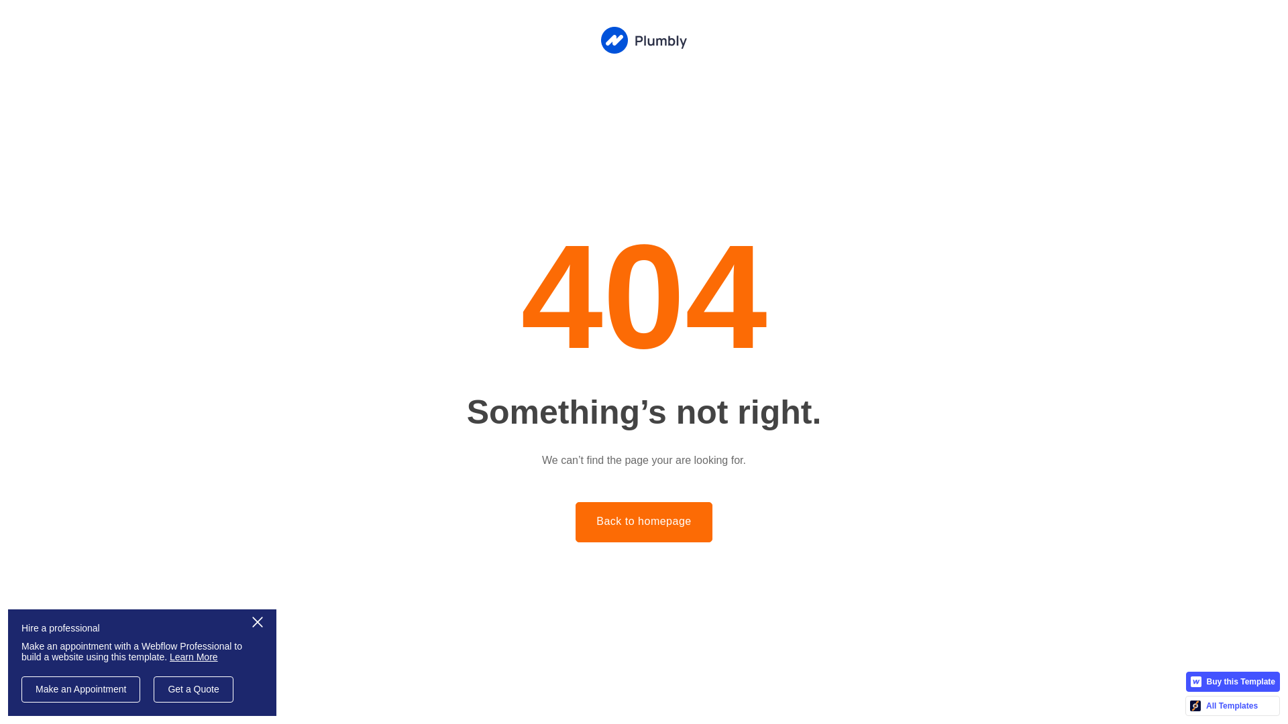 This screenshot has width=1288, height=724. Describe the element at coordinates (193, 656) in the screenshot. I see `'Learn More'` at that location.